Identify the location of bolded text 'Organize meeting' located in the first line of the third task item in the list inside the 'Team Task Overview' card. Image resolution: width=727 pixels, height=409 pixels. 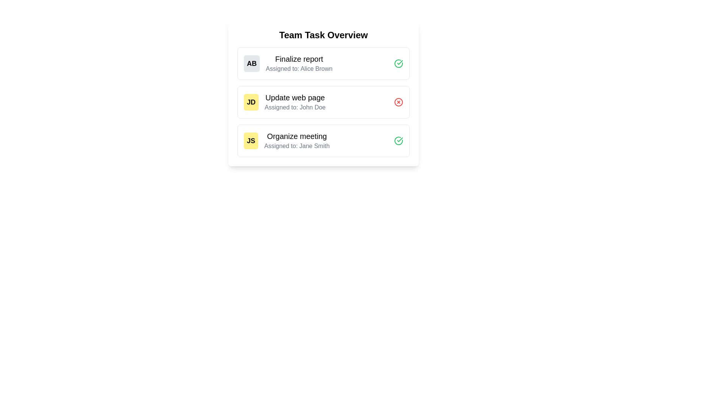
(296, 136).